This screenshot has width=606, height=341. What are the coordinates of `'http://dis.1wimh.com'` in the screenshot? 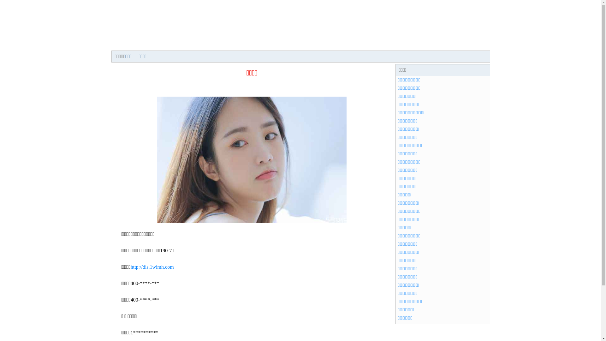 It's located at (152, 267).